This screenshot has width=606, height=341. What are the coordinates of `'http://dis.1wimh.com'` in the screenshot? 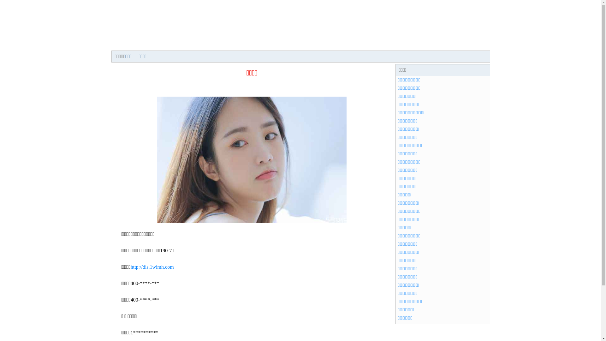 It's located at (152, 267).